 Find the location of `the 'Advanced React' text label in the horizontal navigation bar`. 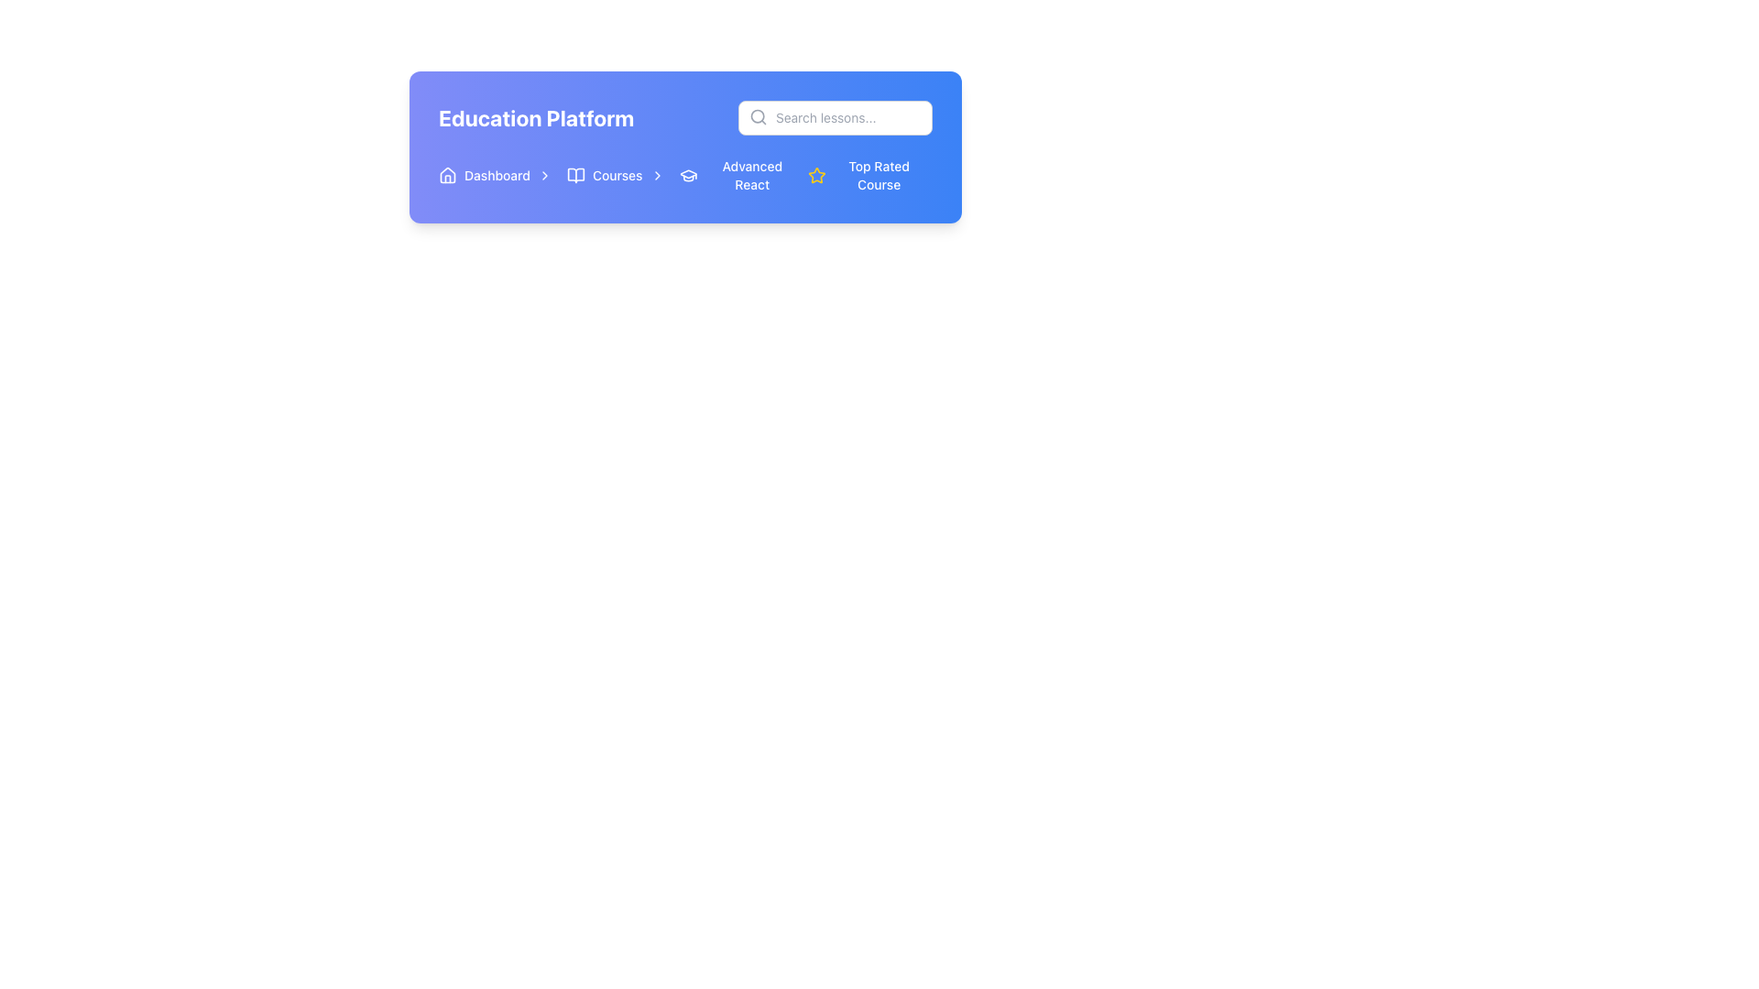

the 'Advanced React' text label in the horizontal navigation bar is located at coordinates (752, 176).